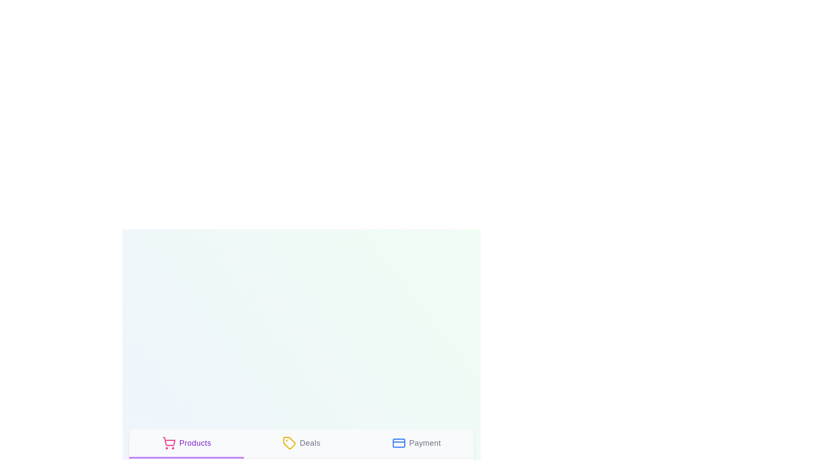  What do you see at coordinates (186, 443) in the screenshot?
I see `the Products tab` at bounding box center [186, 443].